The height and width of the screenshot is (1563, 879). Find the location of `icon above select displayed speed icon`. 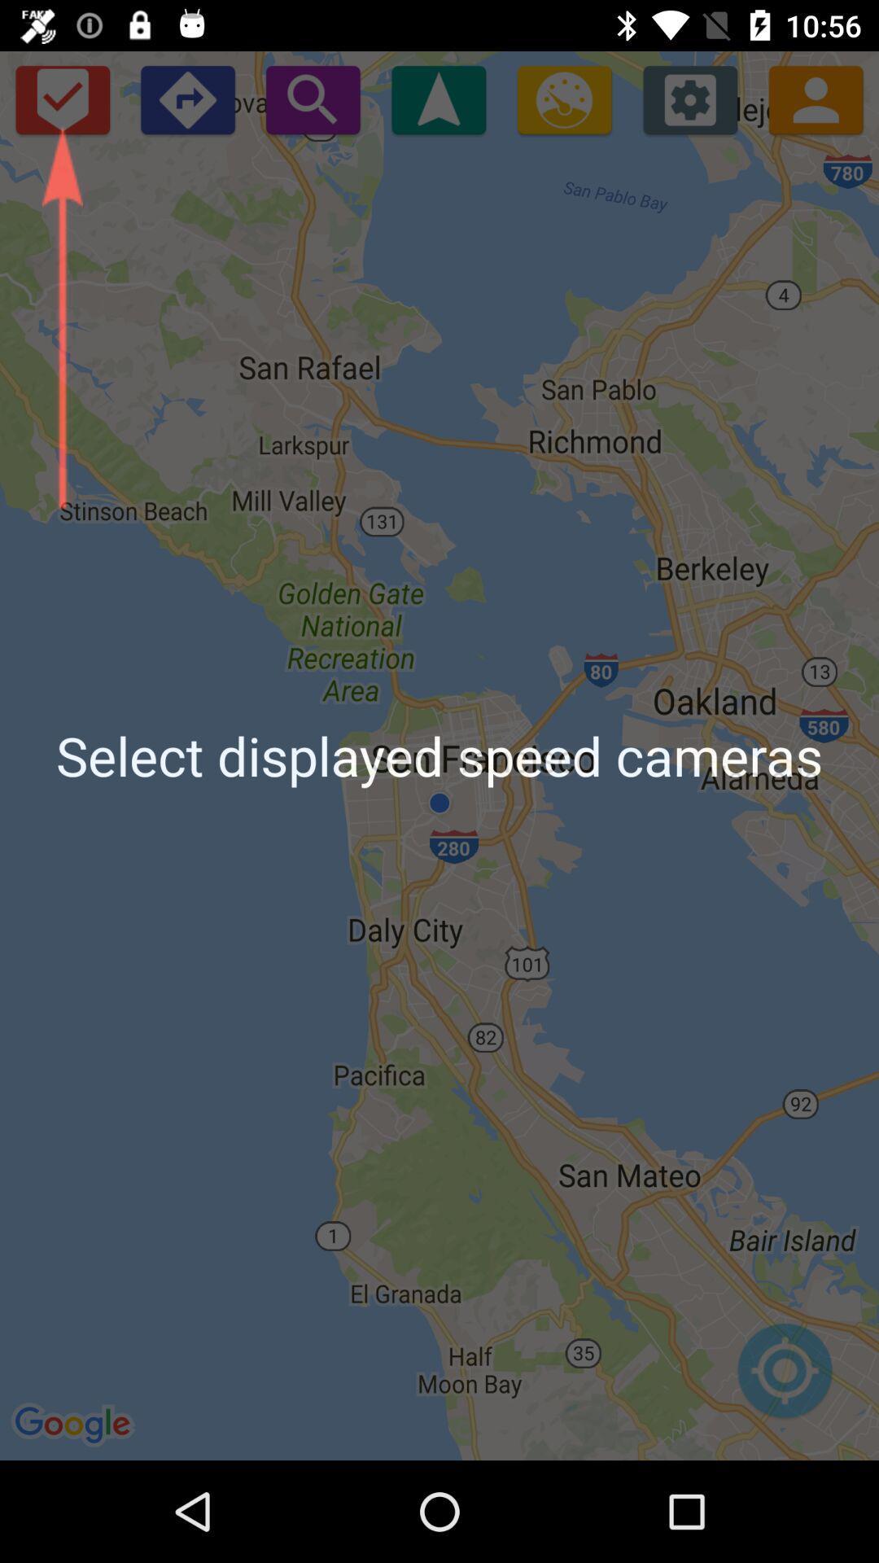

icon above select displayed speed icon is located at coordinates (61, 99).